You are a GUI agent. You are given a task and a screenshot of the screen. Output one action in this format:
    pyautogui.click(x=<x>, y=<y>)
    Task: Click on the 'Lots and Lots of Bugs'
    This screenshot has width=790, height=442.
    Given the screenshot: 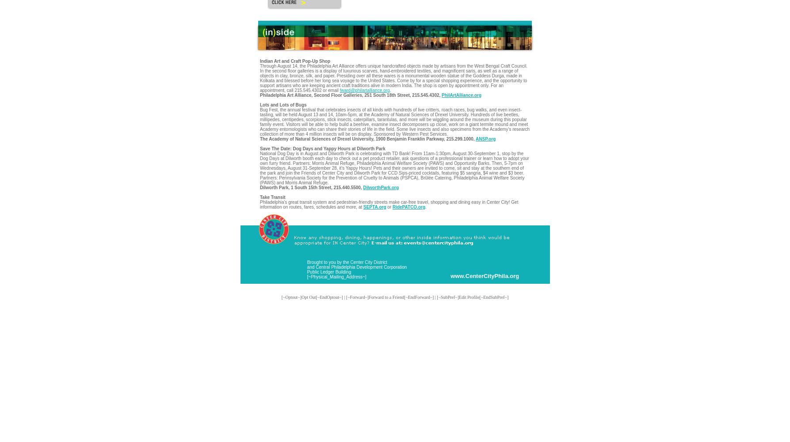 What is the action you would take?
    pyautogui.click(x=259, y=104)
    